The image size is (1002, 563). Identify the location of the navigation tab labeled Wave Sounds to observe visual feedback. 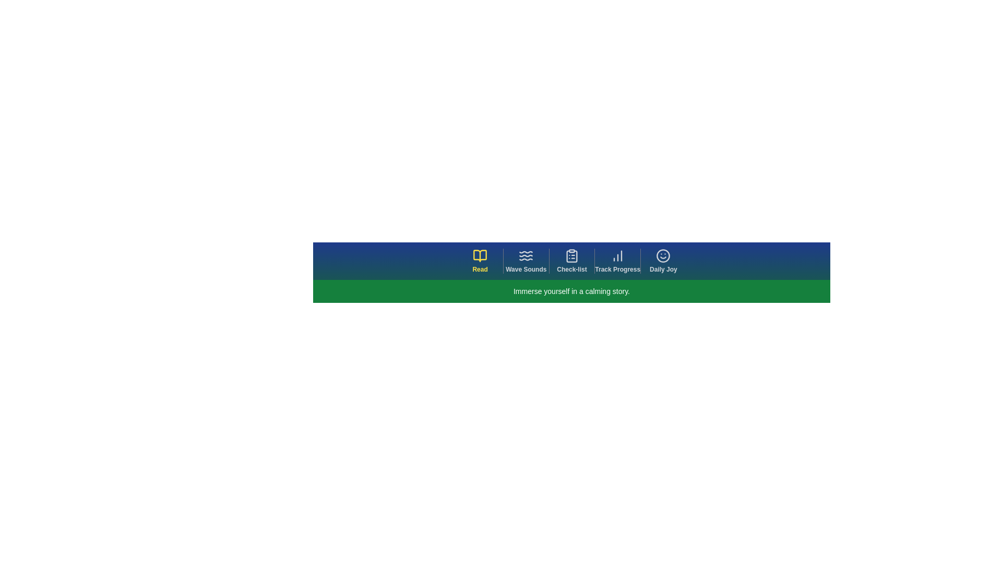
(526, 261).